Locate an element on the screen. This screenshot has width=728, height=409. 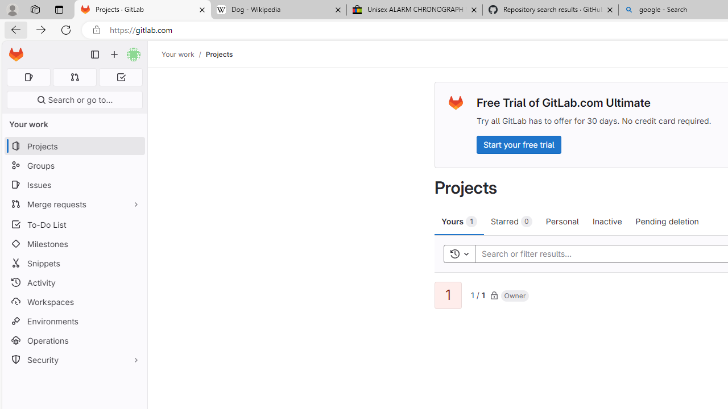
'Skip to main content' is located at coordinates (13, 49).